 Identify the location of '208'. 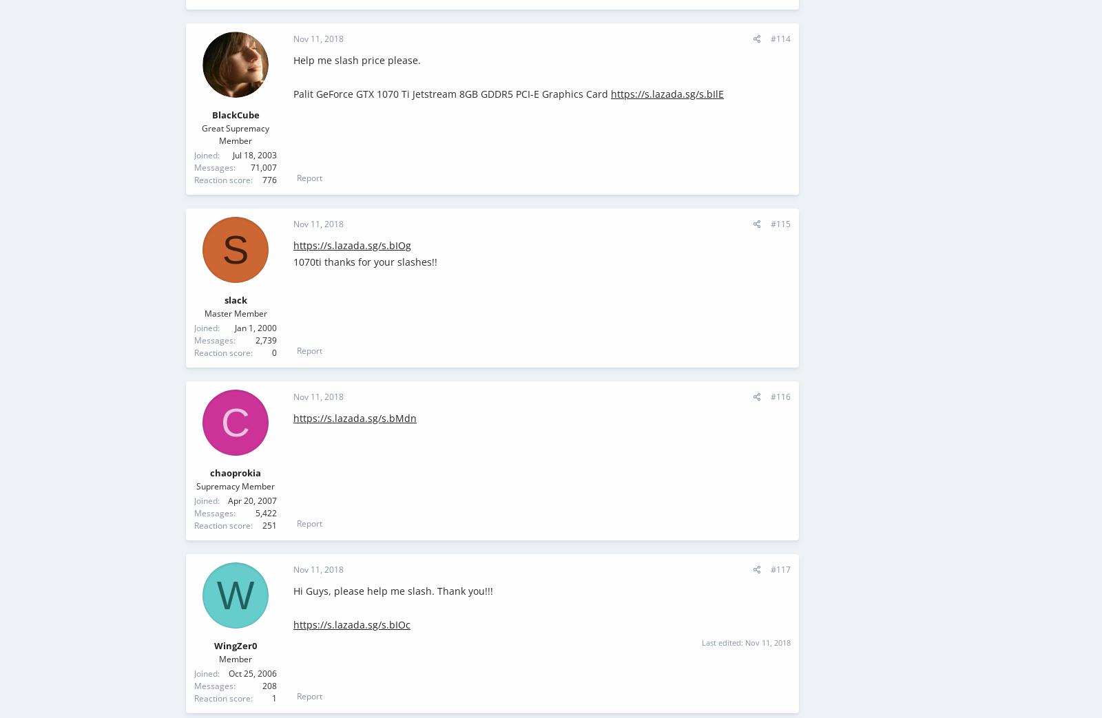
(269, 685).